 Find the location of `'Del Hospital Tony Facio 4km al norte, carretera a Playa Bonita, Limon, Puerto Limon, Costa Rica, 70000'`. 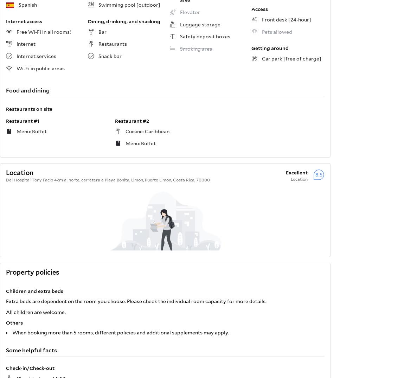

'Del Hospital Tony Facio 4km al norte, carretera a Playa Bonita, Limon, Puerto Limon, Costa Rica, 70000' is located at coordinates (107, 179).